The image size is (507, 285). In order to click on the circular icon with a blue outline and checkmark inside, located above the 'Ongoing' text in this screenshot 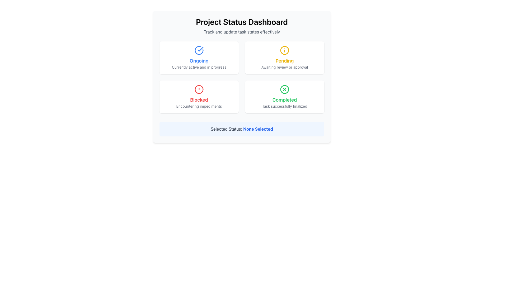, I will do `click(199, 50)`.